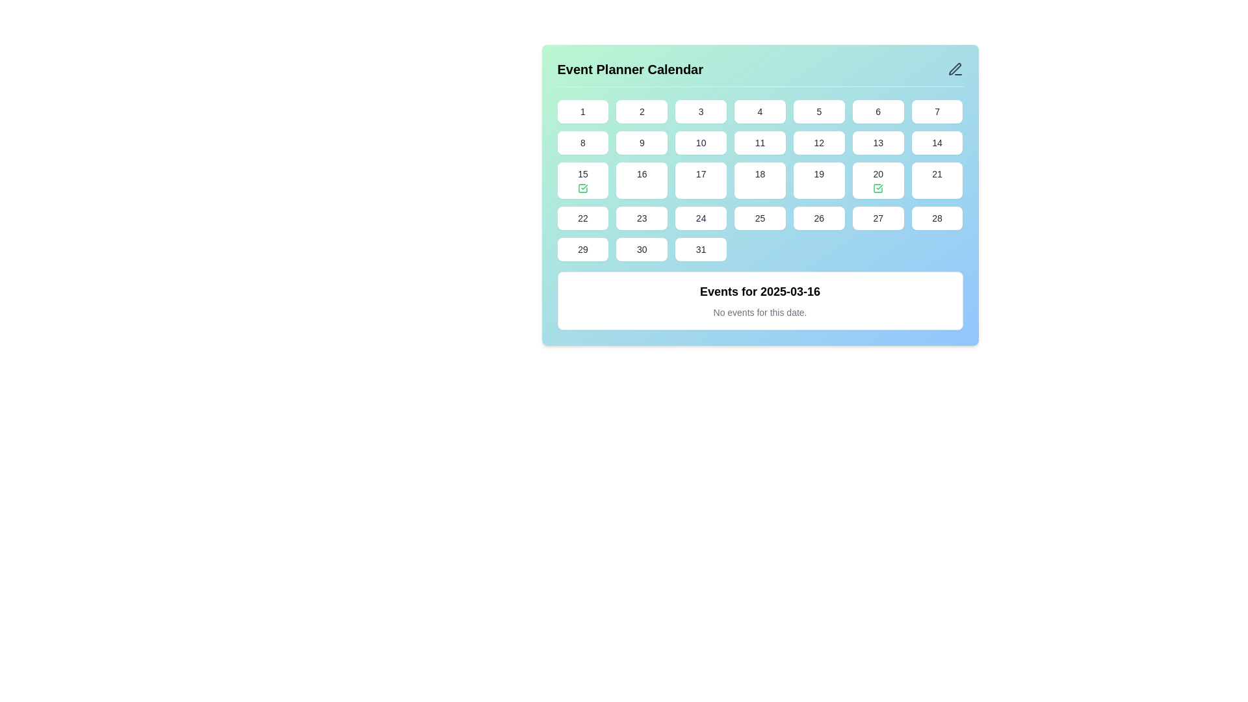 The height and width of the screenshot is (702, 1248). Describe the element at coordinates (878, 188) in the screenshot. I see `the small square icon with a green check symbol located within the calendar cell marked '20'` at that location.